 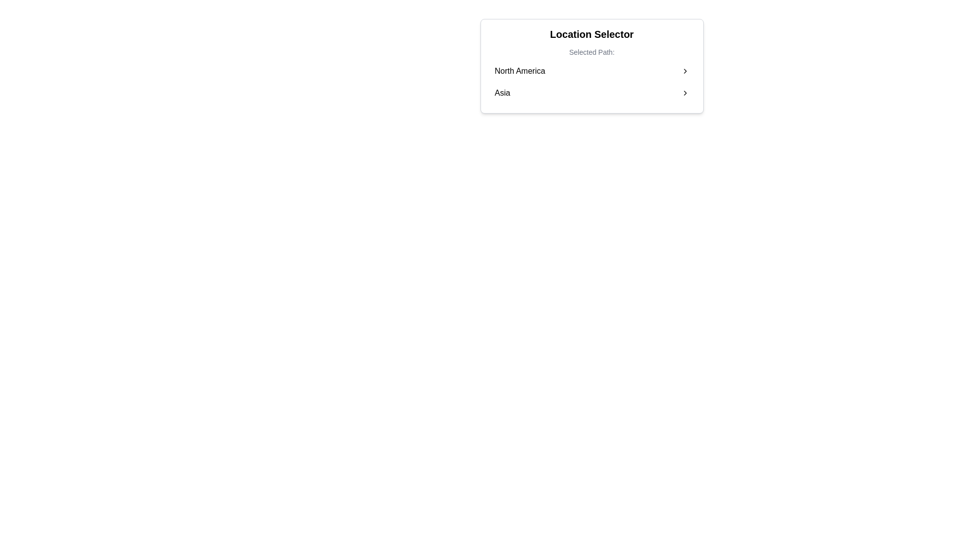 I want to click on the selectable list item displaying 'Asia', so click(x=592, y=93).